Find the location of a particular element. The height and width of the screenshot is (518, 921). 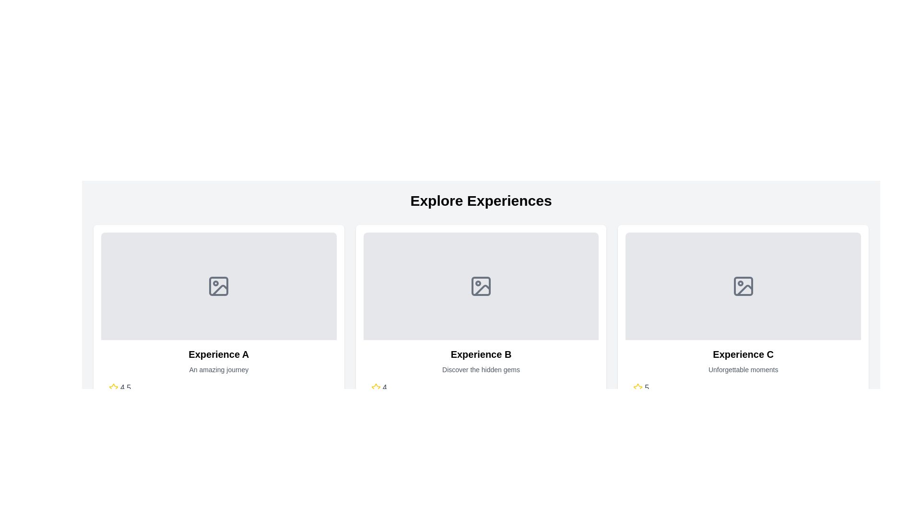

the Rating display element, which visually represents a five-star rating system with a score of '5', located at the bottom of the card titled 'Experience C' is located at coordinates (743, 388).